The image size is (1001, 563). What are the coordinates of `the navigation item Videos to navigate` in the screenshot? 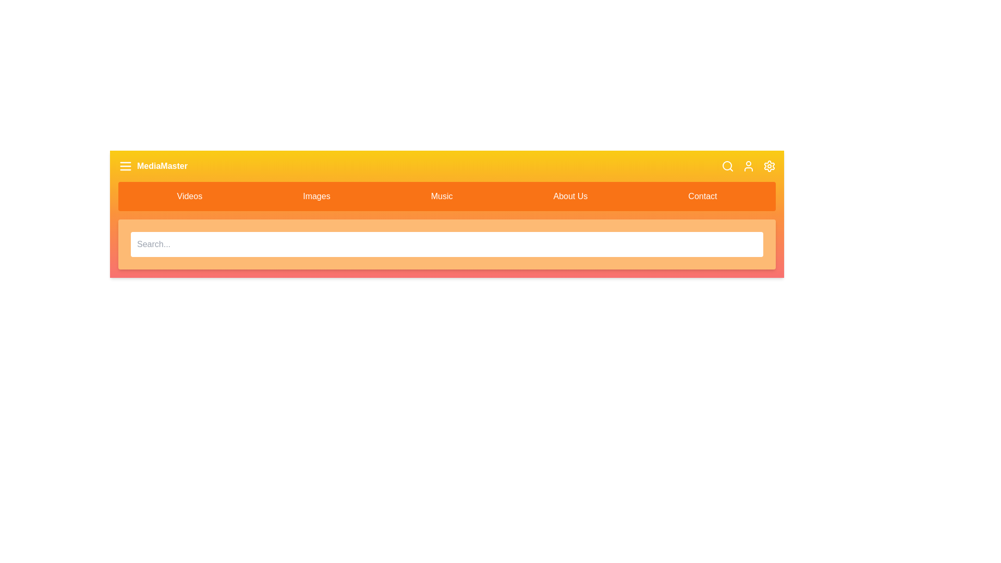 It's located at (189, 197).